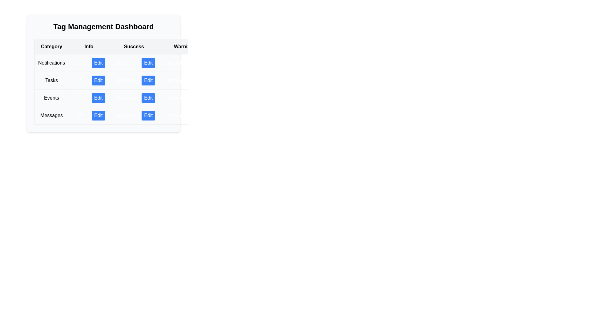 The width and height of the screenshot is (591, 332). Describe the element at coordinates (88, 63) in the screenshot. I see `the 'Info' button in the 'Notifications' category` at that location.